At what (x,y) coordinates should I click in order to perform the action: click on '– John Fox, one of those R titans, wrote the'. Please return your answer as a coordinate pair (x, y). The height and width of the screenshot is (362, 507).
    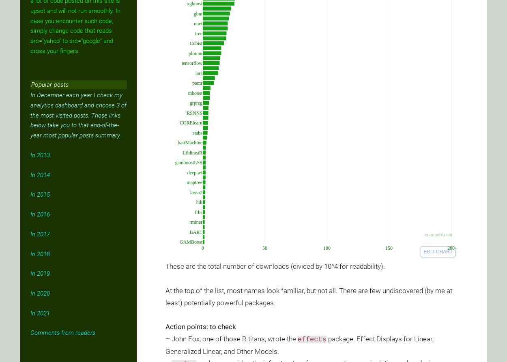
    Looking at the image, I should click on (231, 338).